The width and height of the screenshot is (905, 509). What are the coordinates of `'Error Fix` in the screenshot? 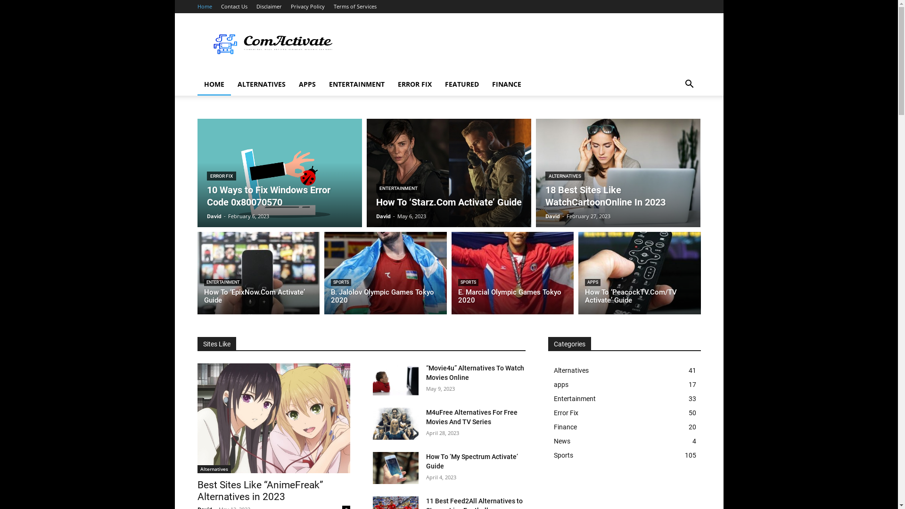 It's located at (624, 412).